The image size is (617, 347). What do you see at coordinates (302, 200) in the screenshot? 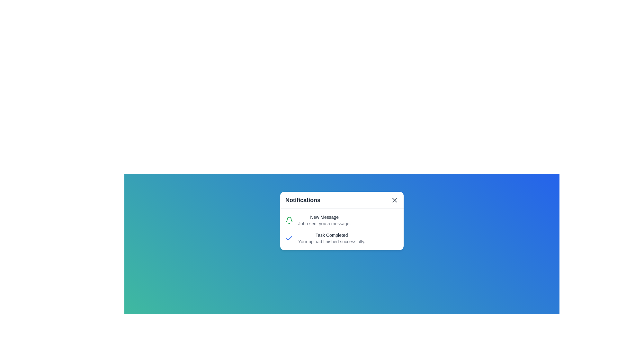
I see `'Notifications' text label displayed prominently at the top of the notification pop-up, which is in bold, larger size, and dark gray color` at bounding box center [302, 200].